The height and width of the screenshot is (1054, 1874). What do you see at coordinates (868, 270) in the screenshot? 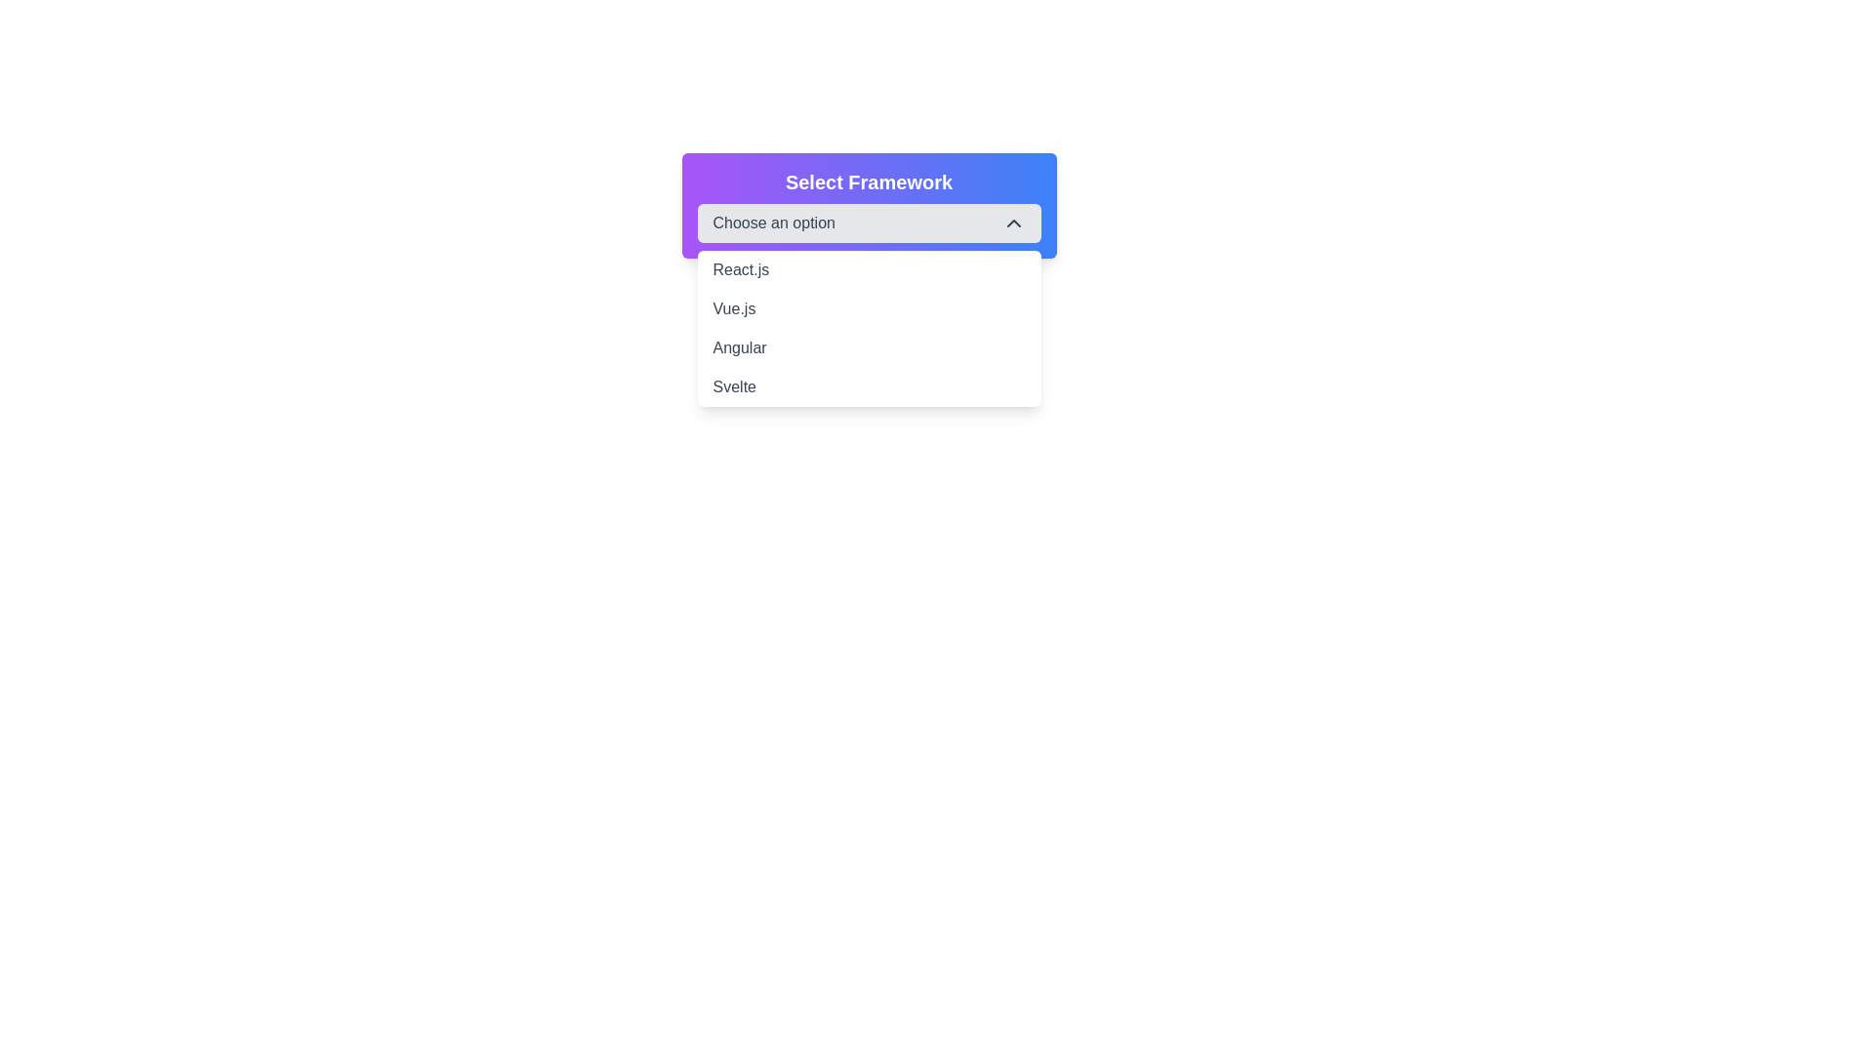
I see `the first item in the dropdown menu labeled 'React.js'` at bounding box center [868, 270].